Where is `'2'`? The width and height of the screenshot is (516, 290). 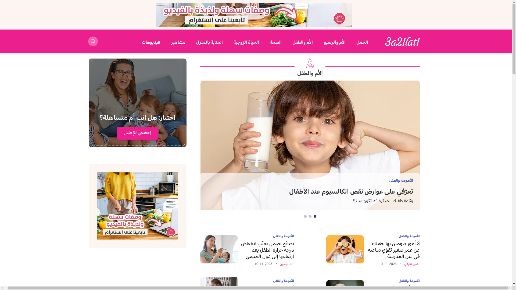 '2' is located at coordinates (309, 216).